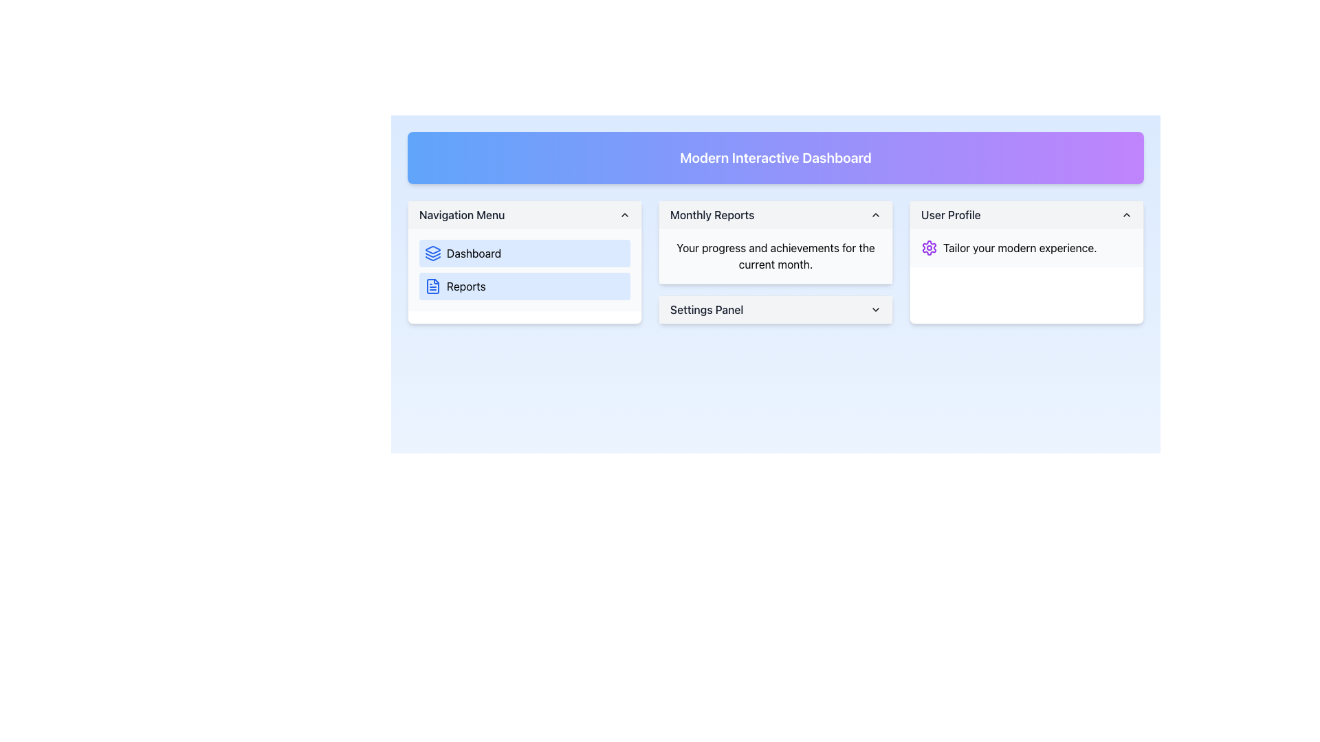 The width and height of the screenshot is (1320, 742). Describe the element at coordinates (950, 214) in the screenshot. I see `text from the 'User Profile' text label, which is styled in dark gray and positioned at the top right corner of the dashboard within the 'User Profile' card` at that location.